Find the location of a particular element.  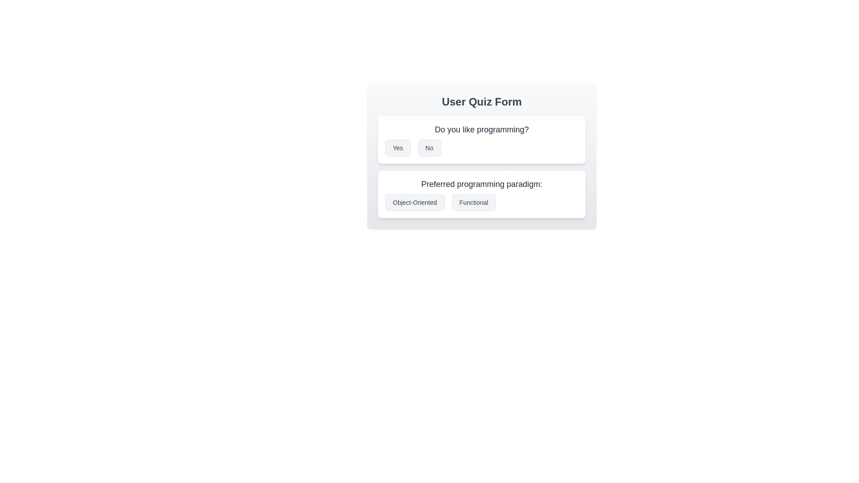

the buttons in the card labeled 'Preferred programming paradigm:' is located at coordinates (481, 194).